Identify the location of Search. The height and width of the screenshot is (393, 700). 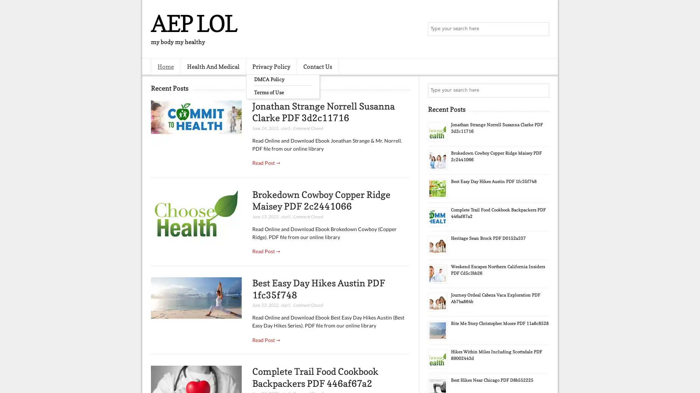
(541, 90).